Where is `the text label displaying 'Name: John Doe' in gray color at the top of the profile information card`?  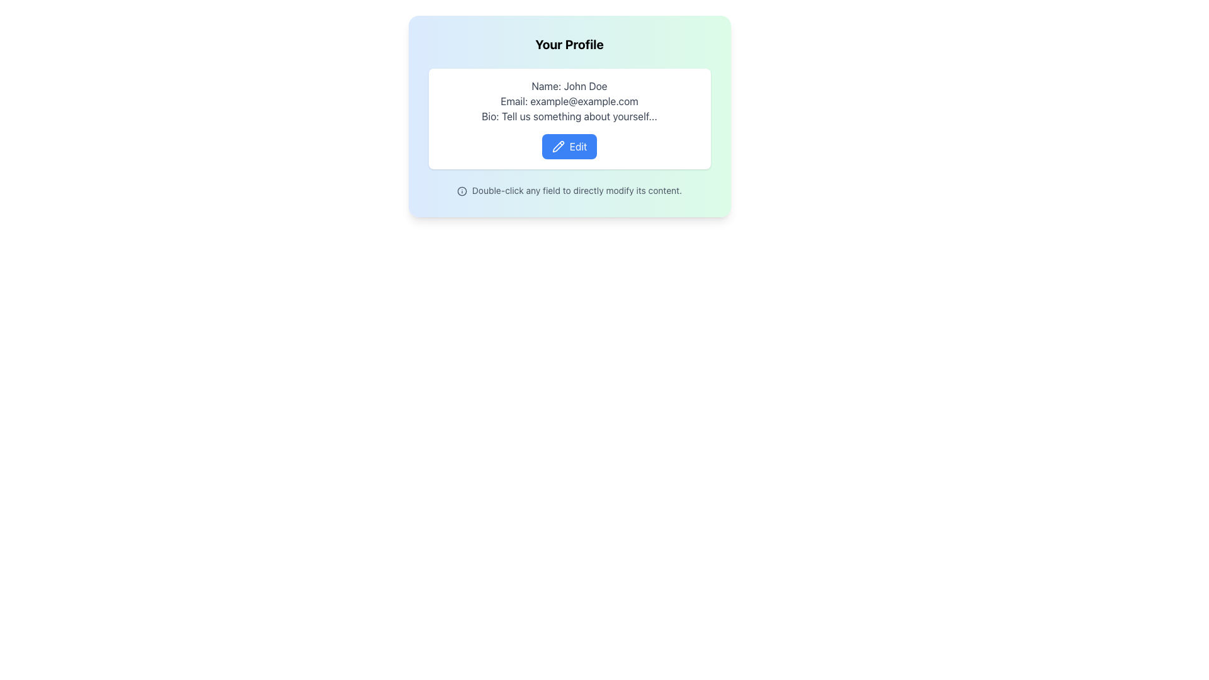
the text label displaying 'Name: John Doe' in gray color at the top of the profile information card is located at coordinates (569, 86).